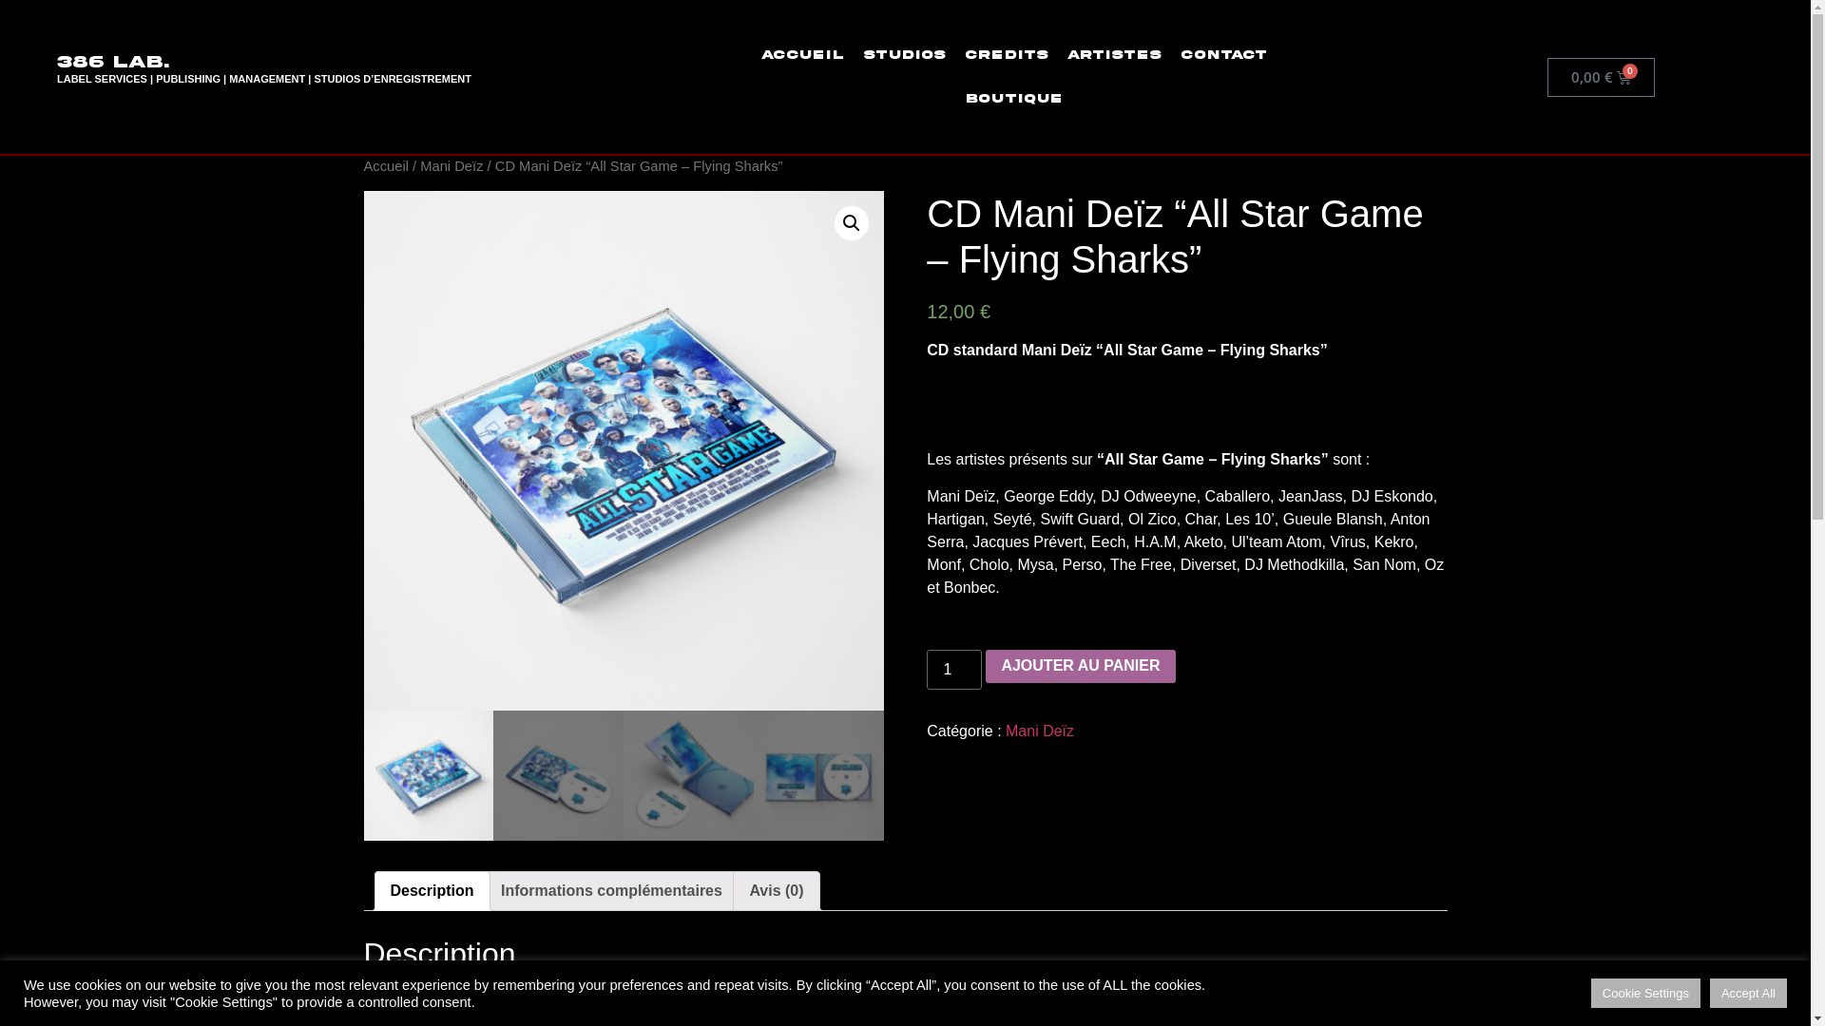 The image size is (1825, 1026). I want to click on 'Avis (0)', so click(776, 890).